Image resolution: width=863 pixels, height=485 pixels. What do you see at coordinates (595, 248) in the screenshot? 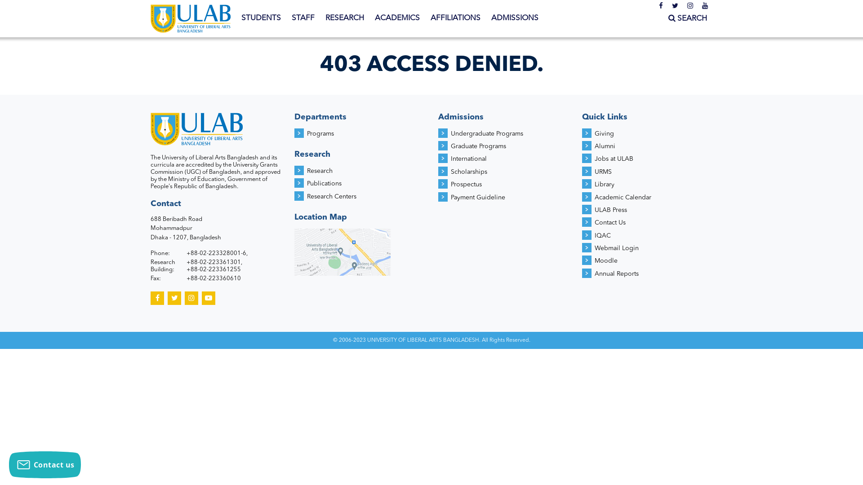
I see `'Webmail Login'` at bounding box center [595, 248].